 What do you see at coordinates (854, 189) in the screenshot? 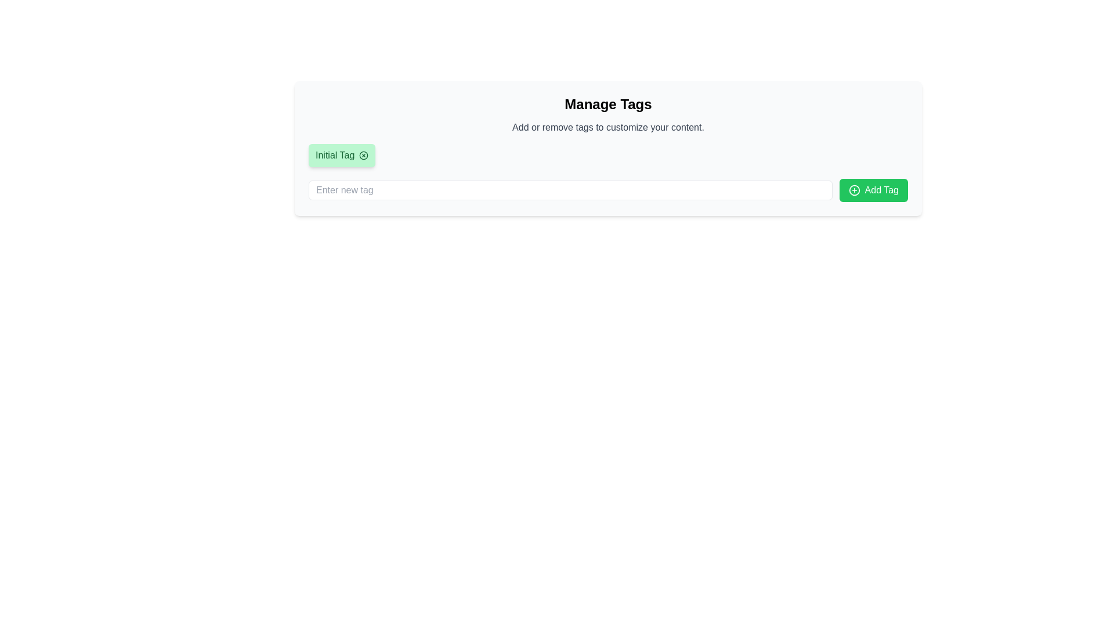
I see `the green 'Add Tag' button, which is accompanied by the circular icon indicating the action of adding a tag` at bounding box center [854, 189].